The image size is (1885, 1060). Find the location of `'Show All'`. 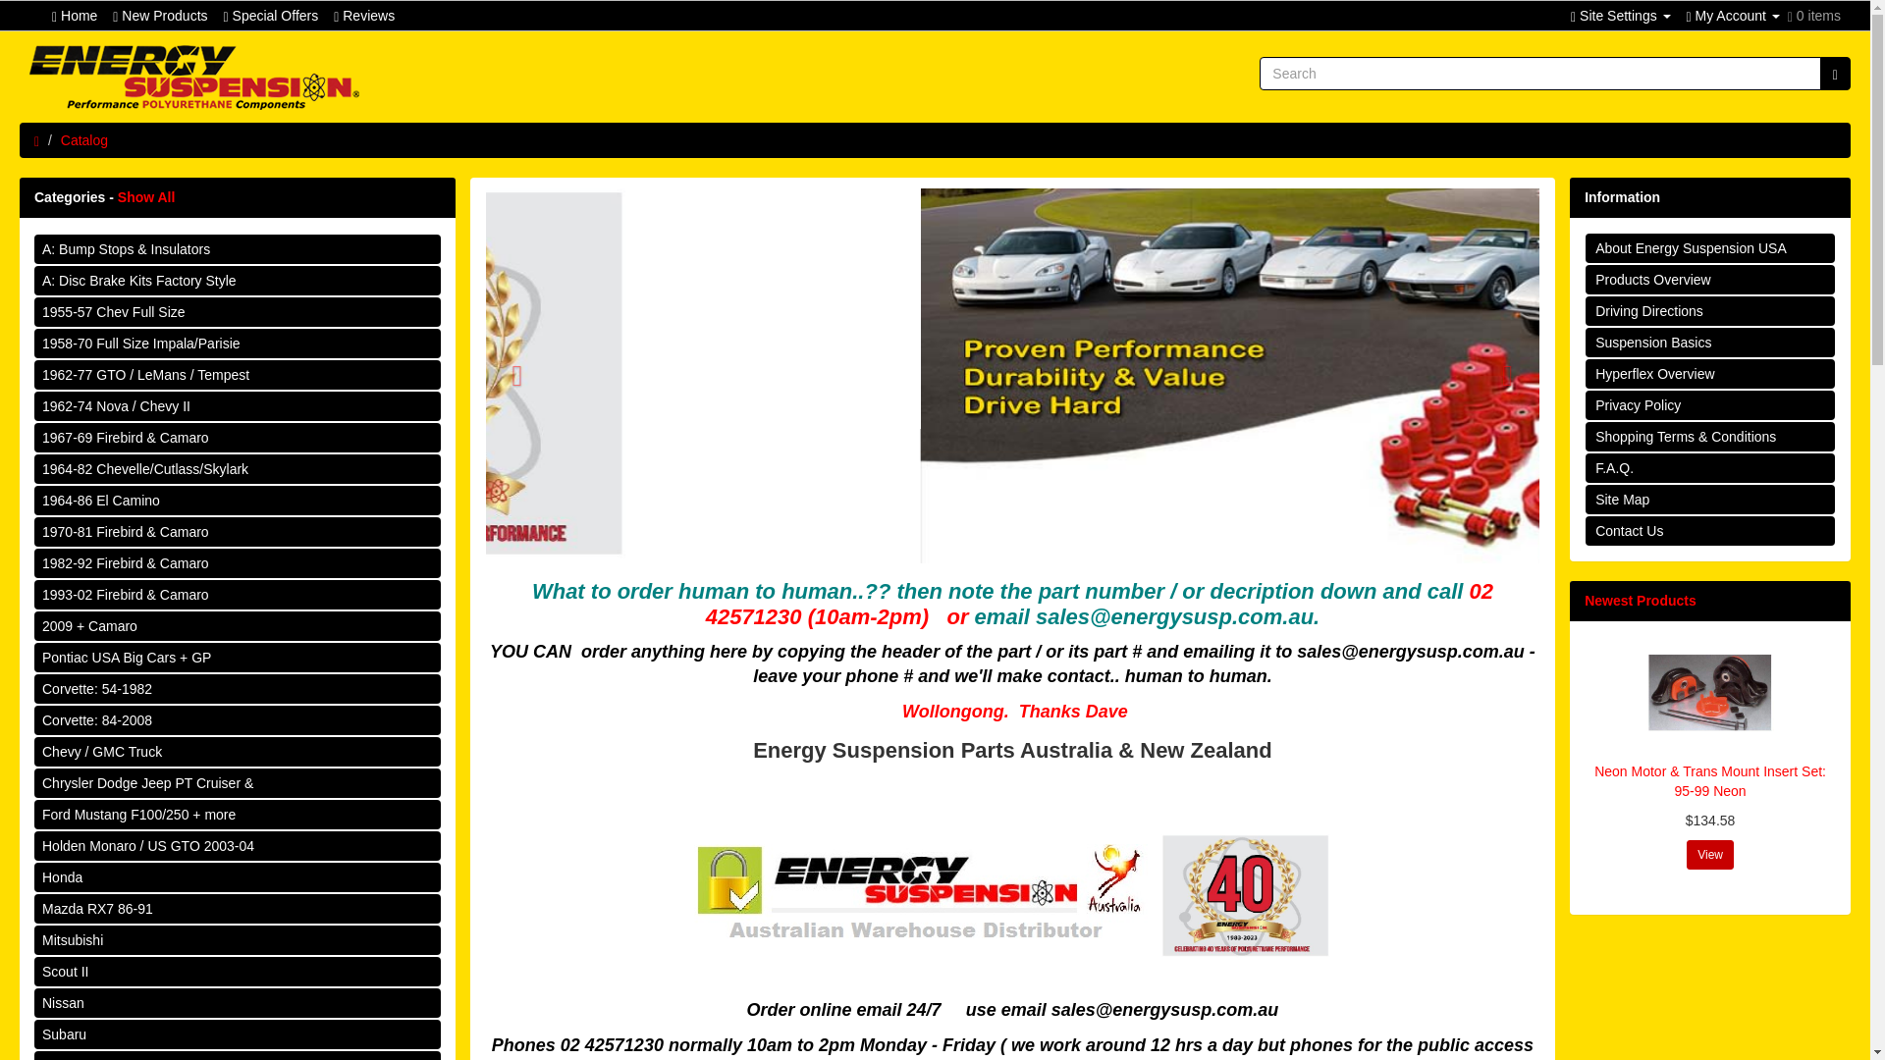

'Show All' is located at coordinates (145, 196).